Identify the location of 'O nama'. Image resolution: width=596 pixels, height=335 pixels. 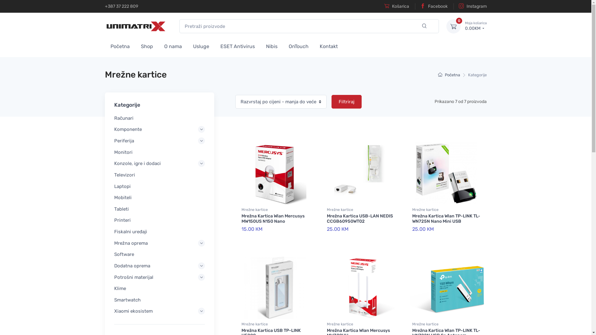
(173, 45).